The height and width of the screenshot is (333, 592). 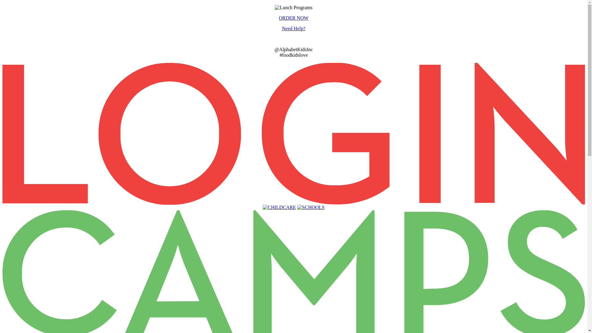 I want to click on 'ORDER NOW', so click(x=293, y=18).